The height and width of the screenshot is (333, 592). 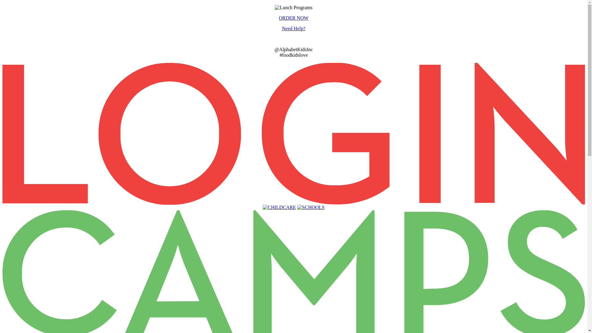 I want to click on 'ORDER NOW', so click(x=293, y=18).